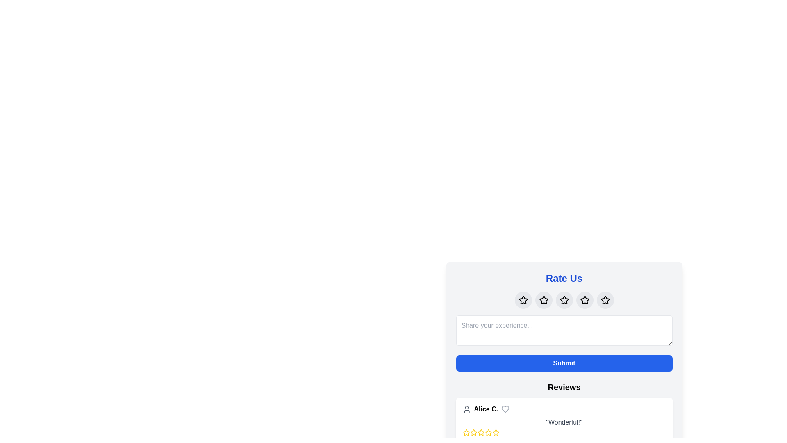 The width and height of the screenshot is (787, 443). I want to click on the third star in the Interactive Star Rating Component, so click(564, 300).